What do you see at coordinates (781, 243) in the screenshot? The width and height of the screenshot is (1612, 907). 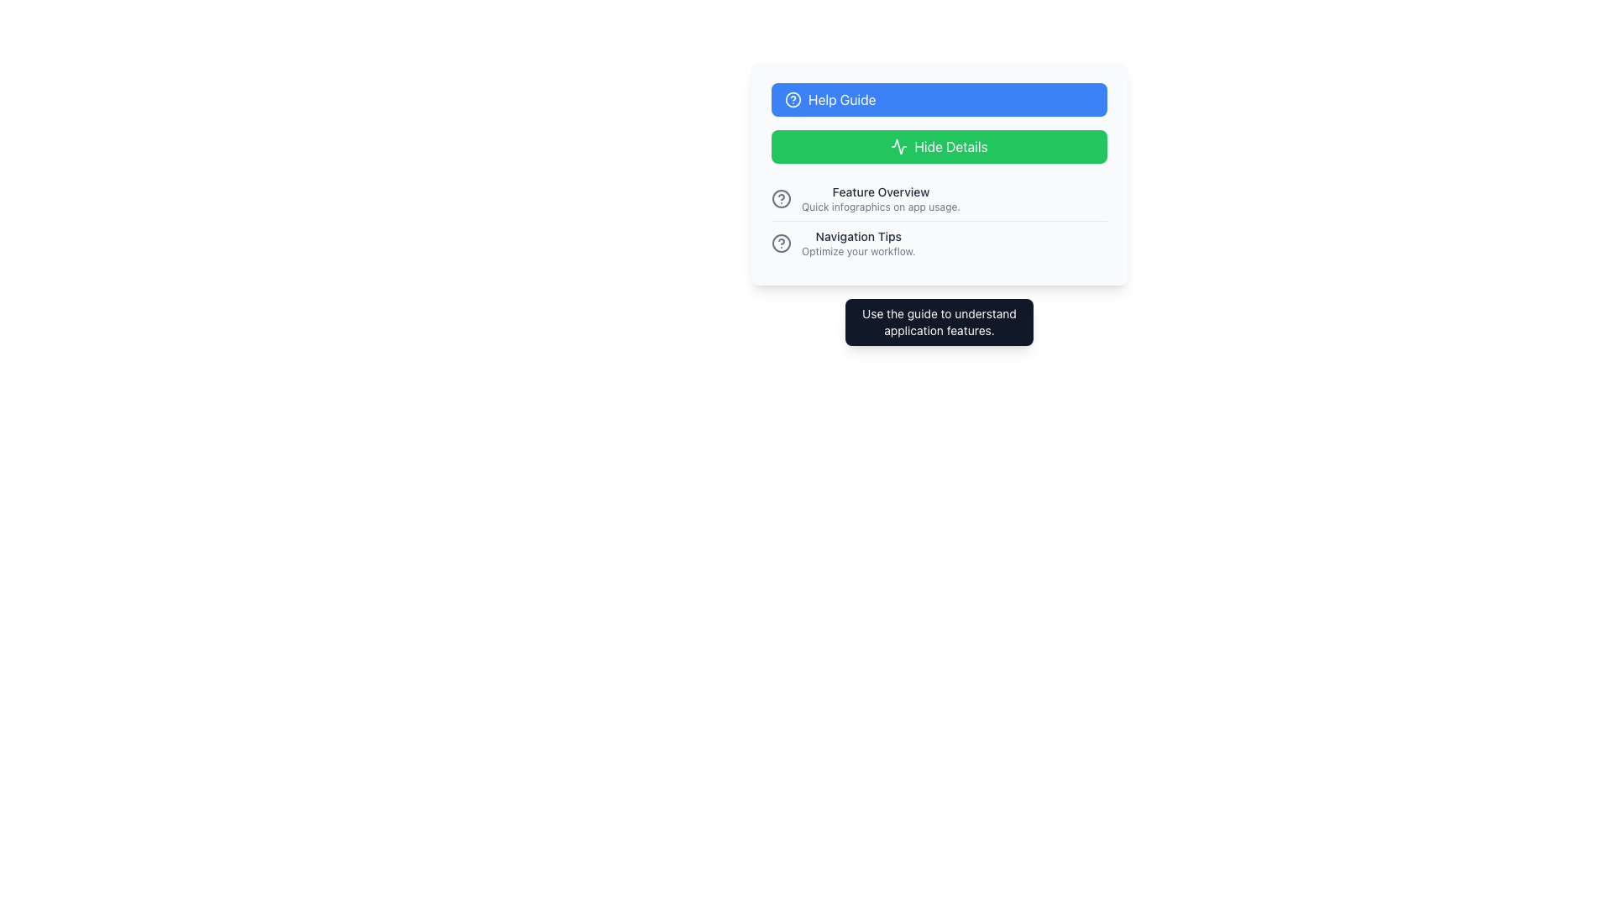 I see `the circular help icon with a question mark and dot, positioned to the left of the 'Navigation Tips' list item` at bounding box center [781, 243].